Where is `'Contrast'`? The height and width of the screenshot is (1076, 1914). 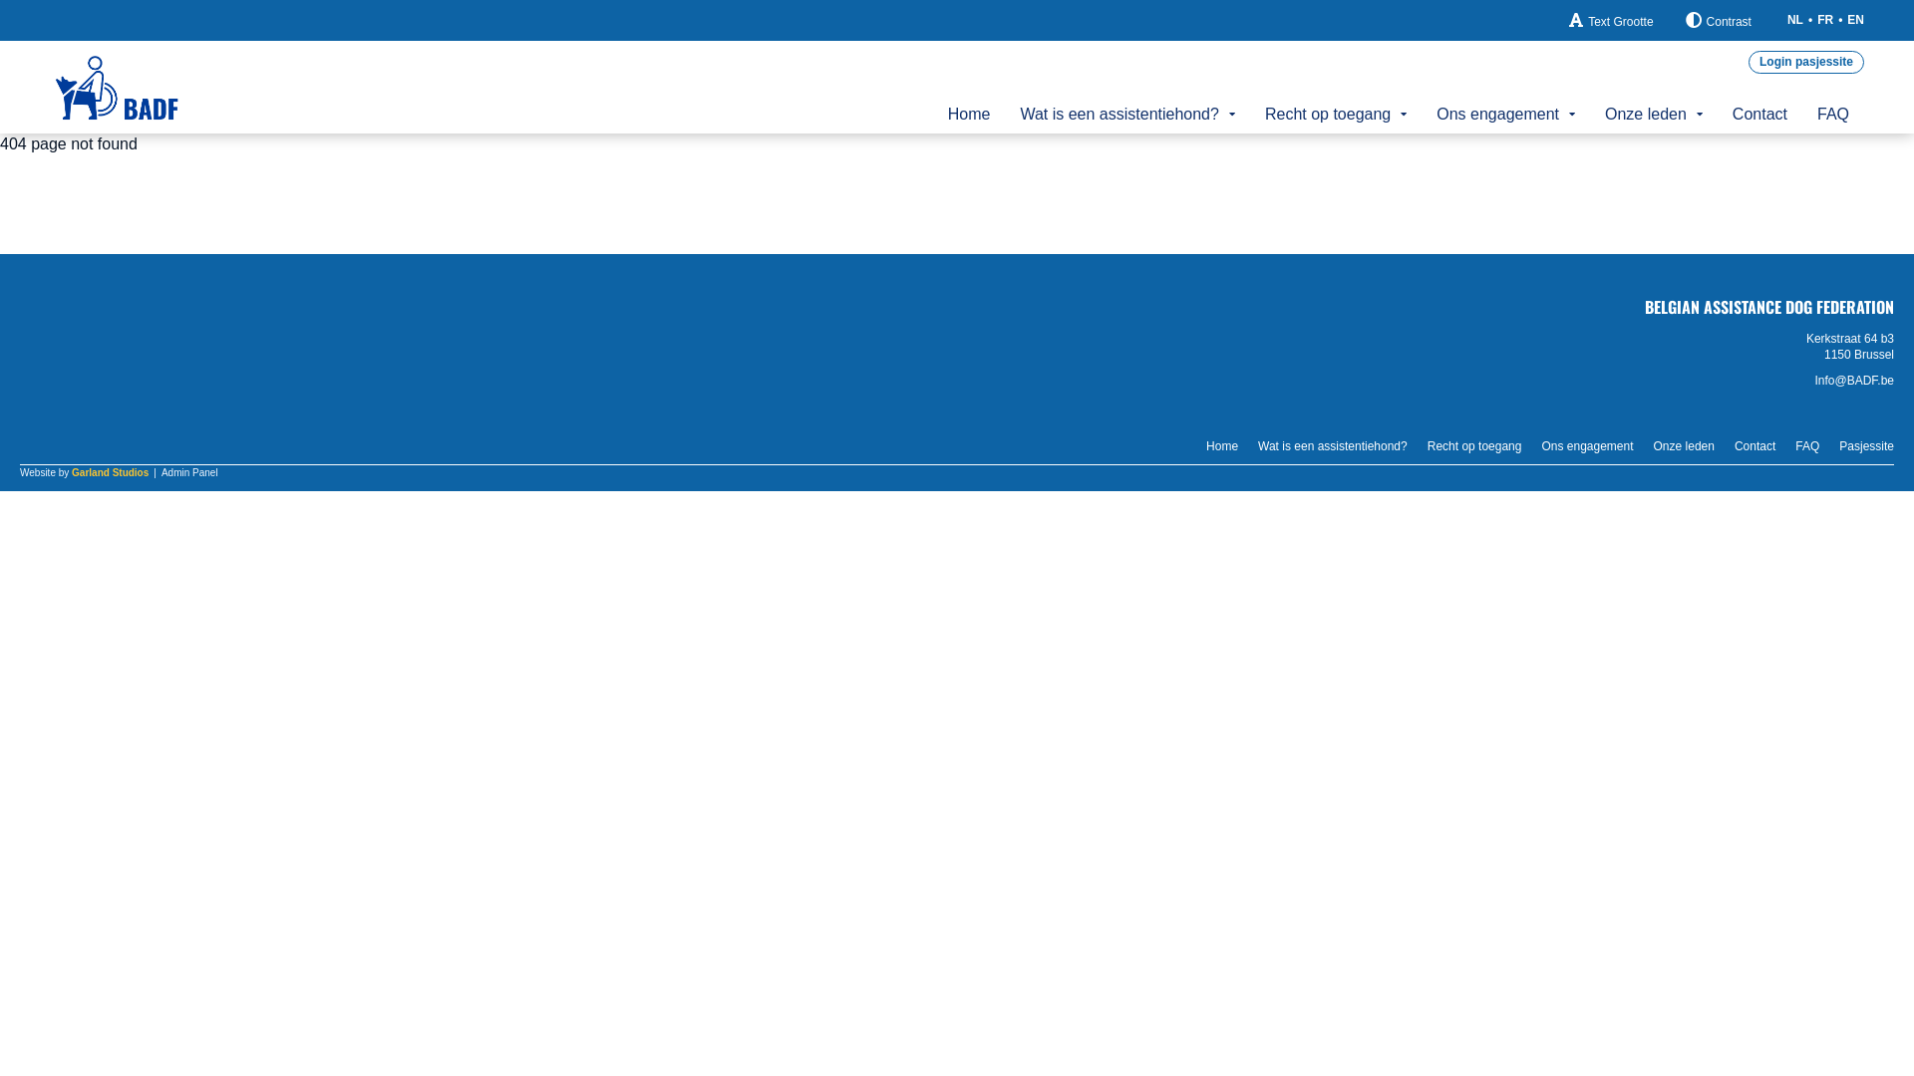
'Contrast' is located at coordinates (1717, 20).